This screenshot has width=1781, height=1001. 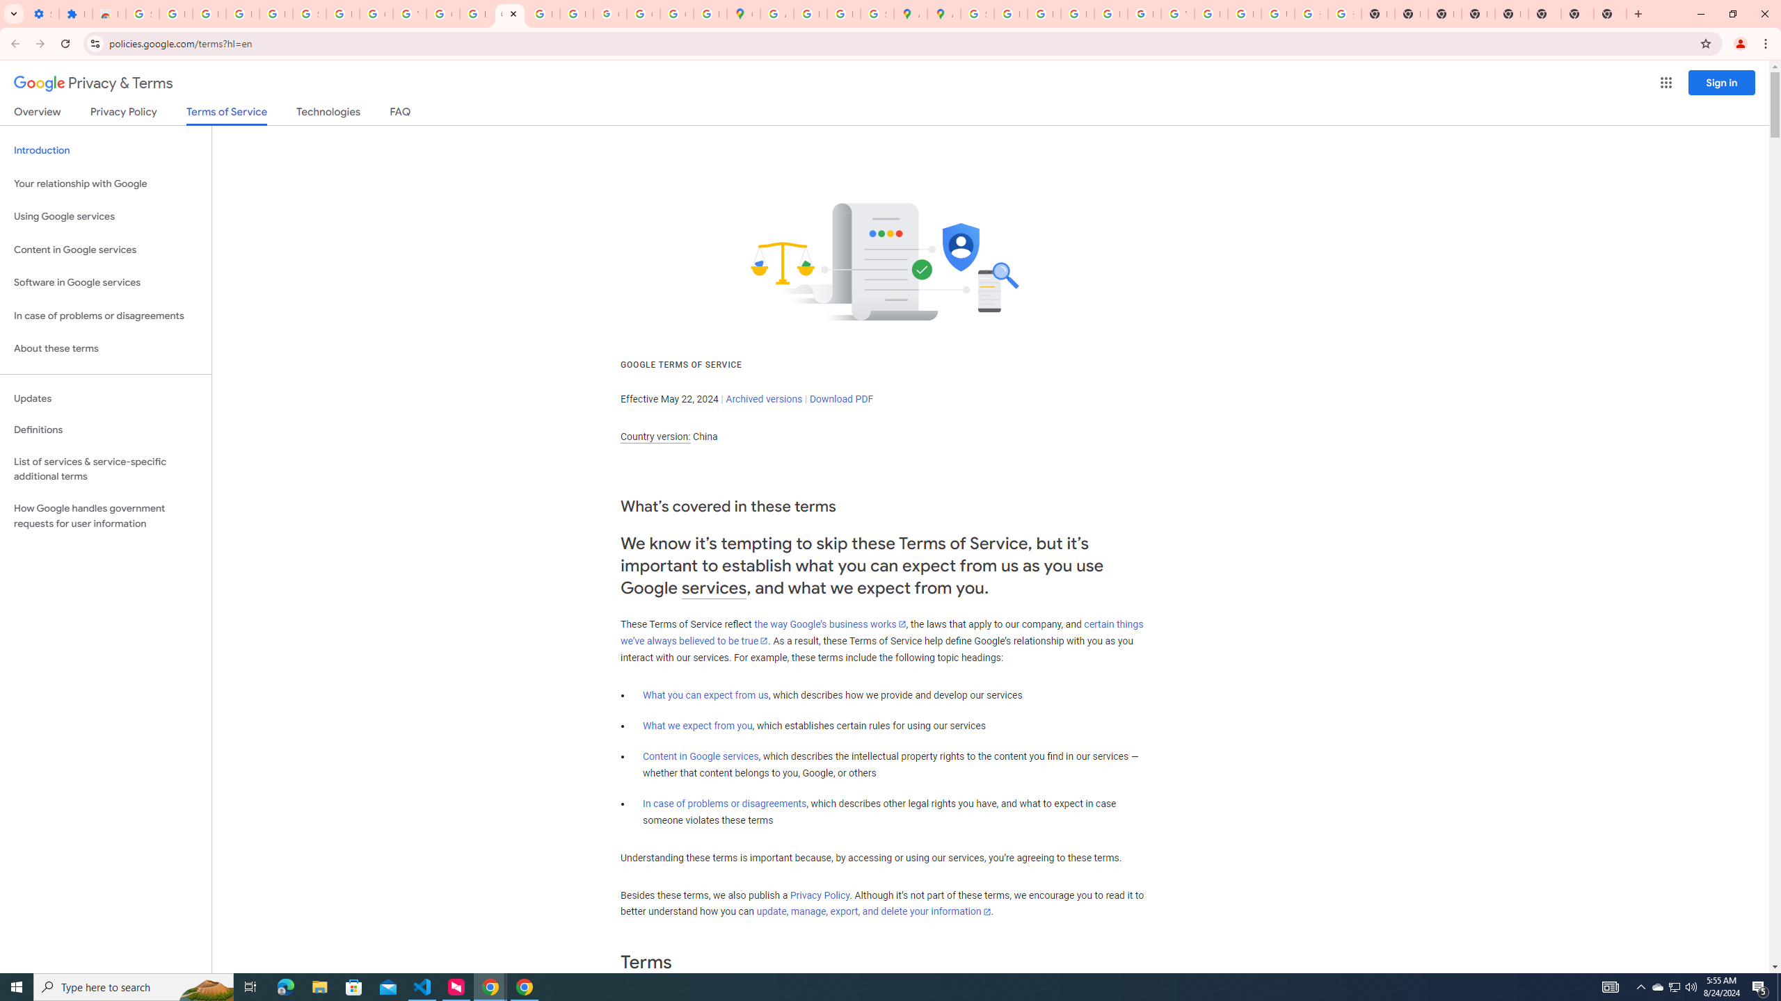 I want to click on 'Software in Google services', so click(x=105, y=282).